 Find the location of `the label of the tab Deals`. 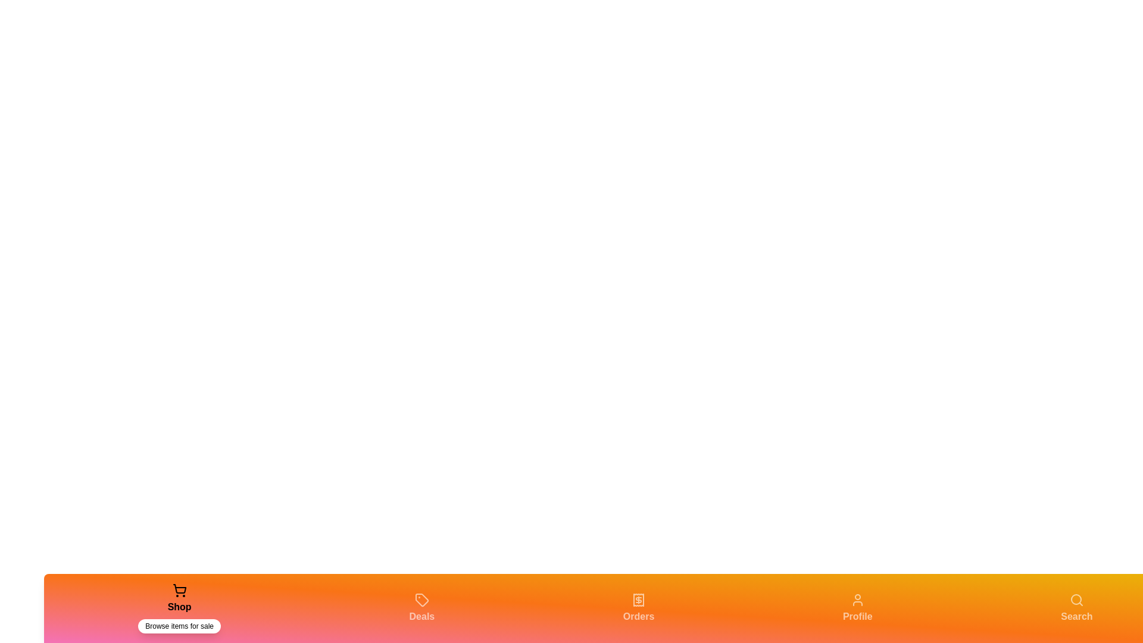

the label of the tab Deals is located at coordinates (421, 616).